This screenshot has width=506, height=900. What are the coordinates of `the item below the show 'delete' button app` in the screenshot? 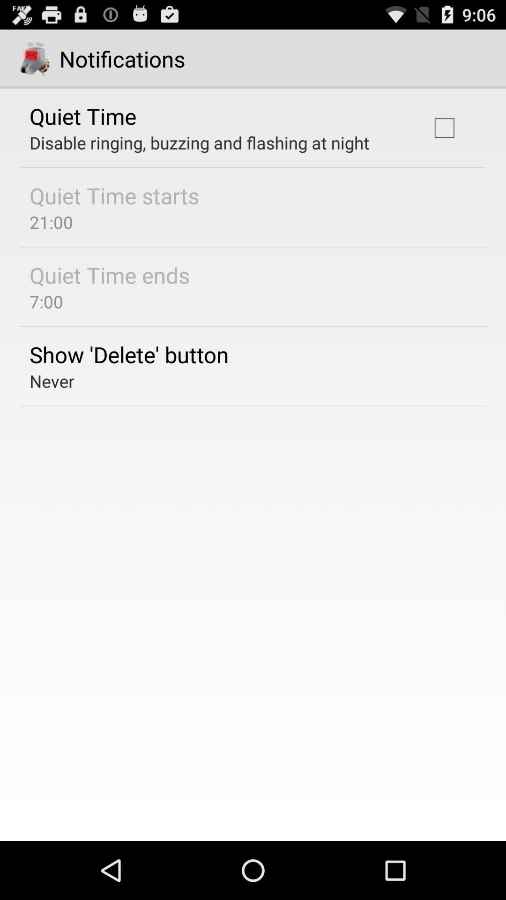 It's located at (52, 381).